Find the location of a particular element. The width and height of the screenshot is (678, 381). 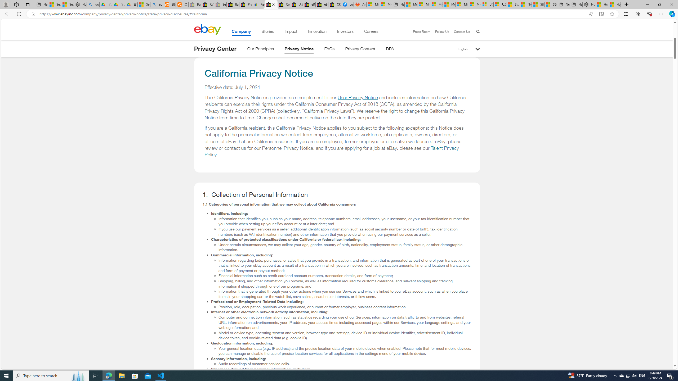

'eBay Inc. Reports Third Quarter 2023 Results' is located at coordinates (322, 4).